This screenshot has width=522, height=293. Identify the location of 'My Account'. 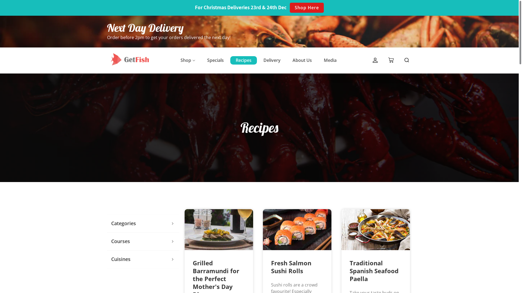
(375, 60).